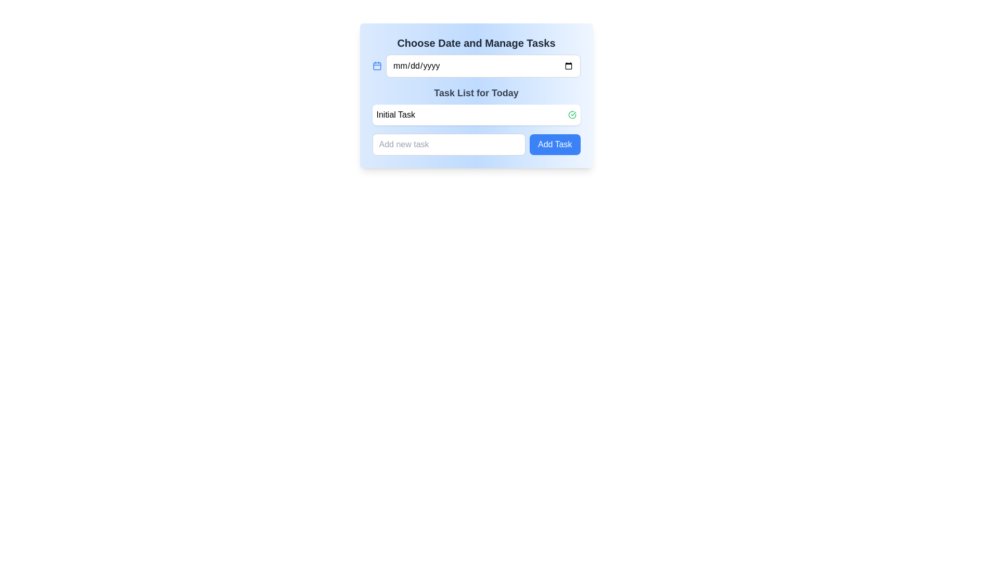 The image size is (999, 562). I want to click on the completion status icon located near the right edge of the 'Task List for Today' section, so click(571, 114).